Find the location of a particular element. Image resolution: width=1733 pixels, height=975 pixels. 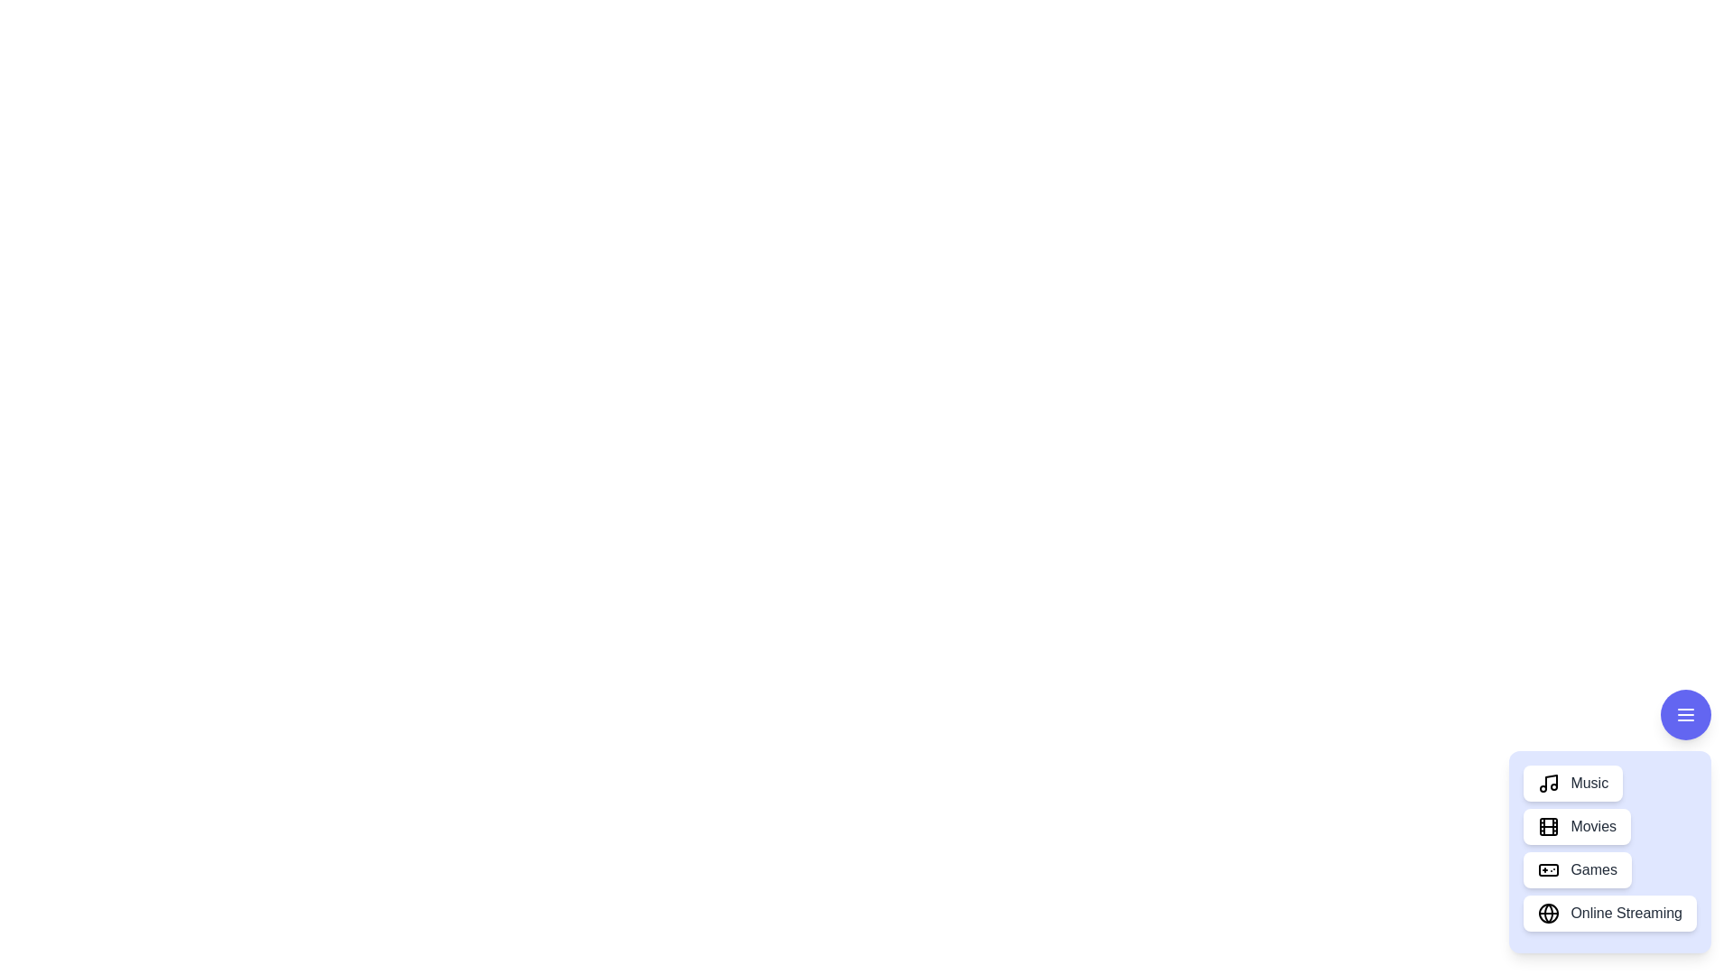

the 'Games' button is located at coordinates (1576, 869).